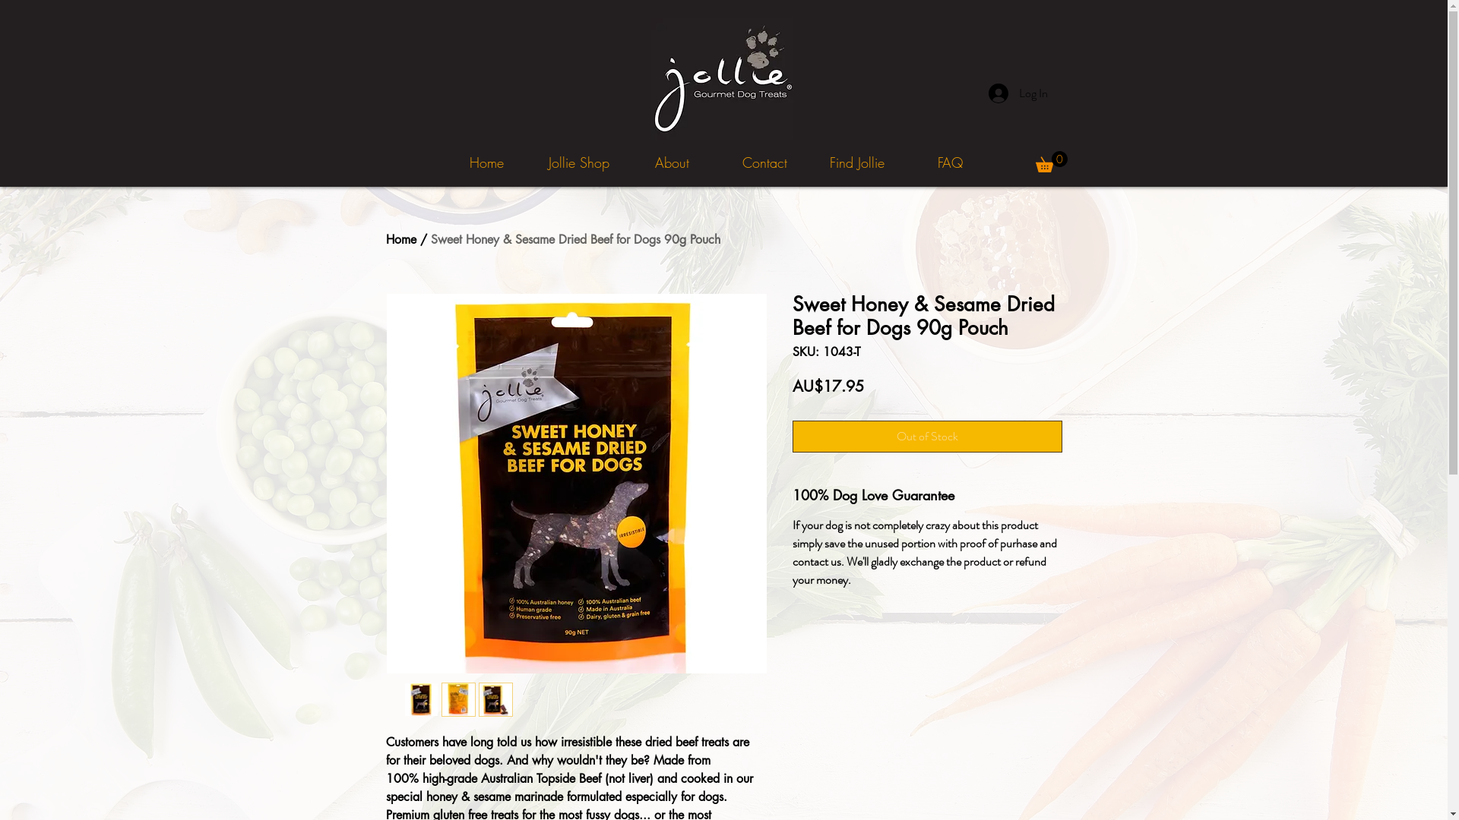 This screenshot has width=1459, height=820. I want to click on 'Jollie Shop', so click(578, 162).